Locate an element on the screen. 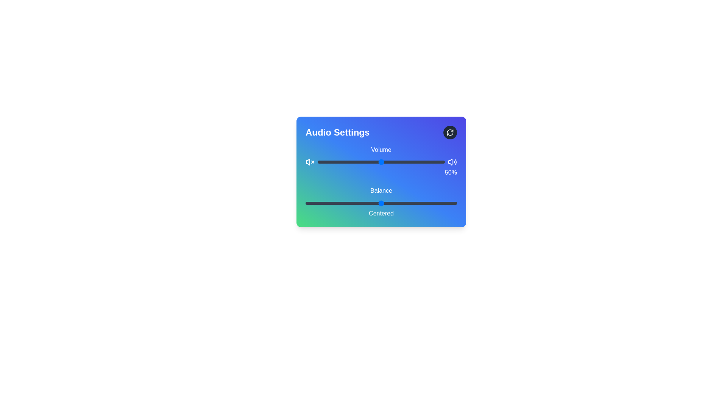 The image size is (727, 409). the volume slider is located at coordinates (421, 162).